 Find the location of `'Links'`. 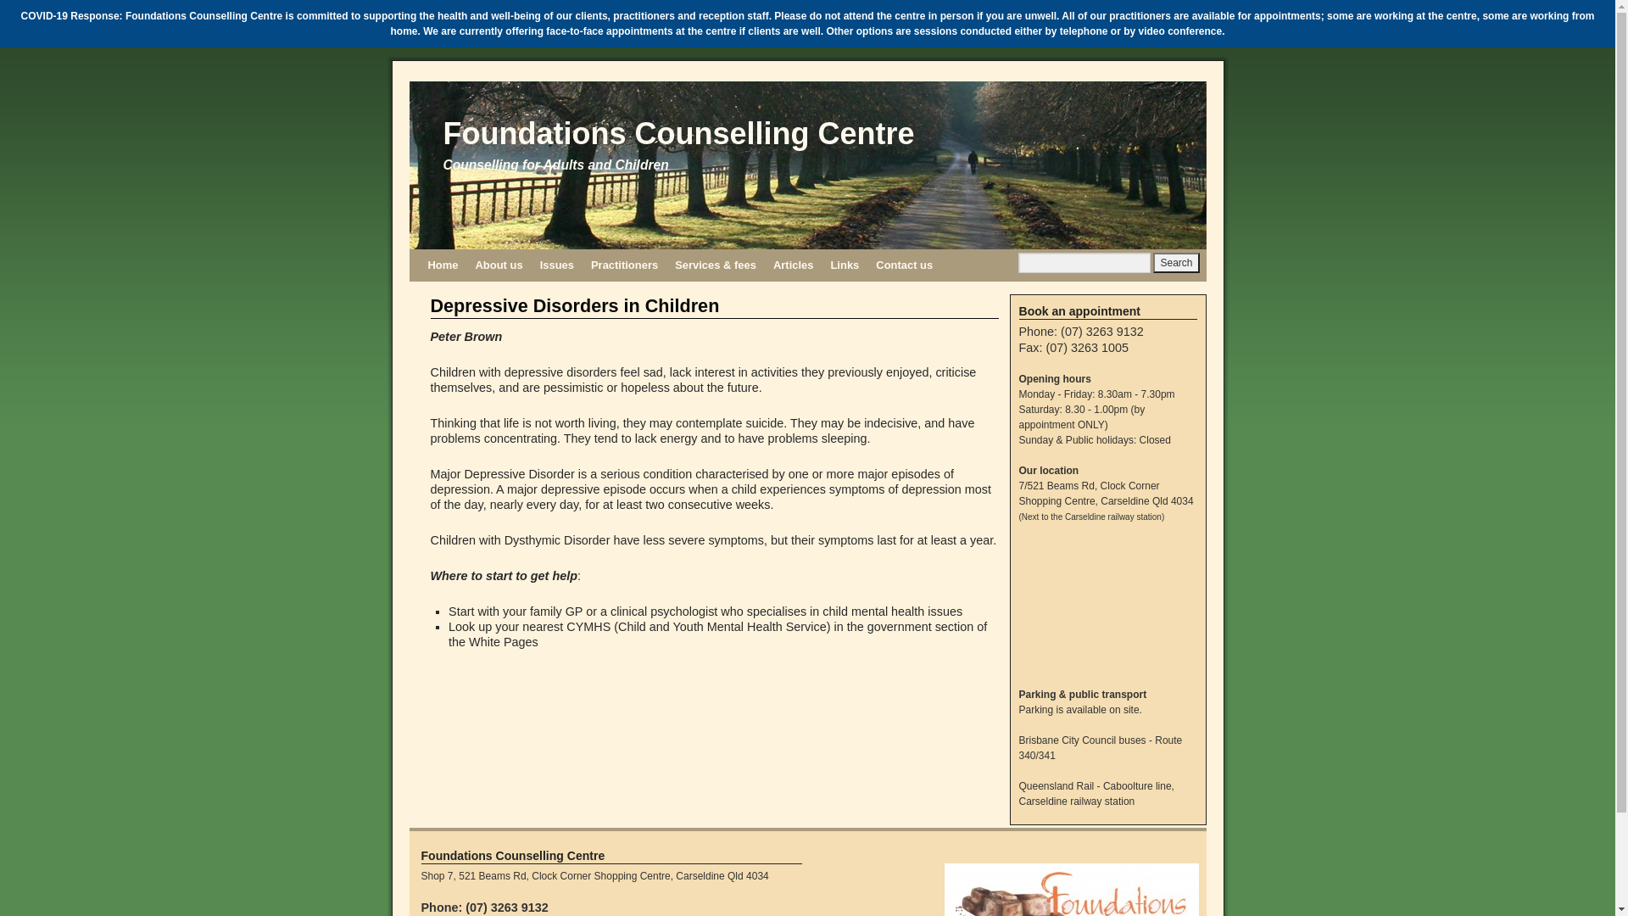

'Links' is located at coordinates (845, 265).